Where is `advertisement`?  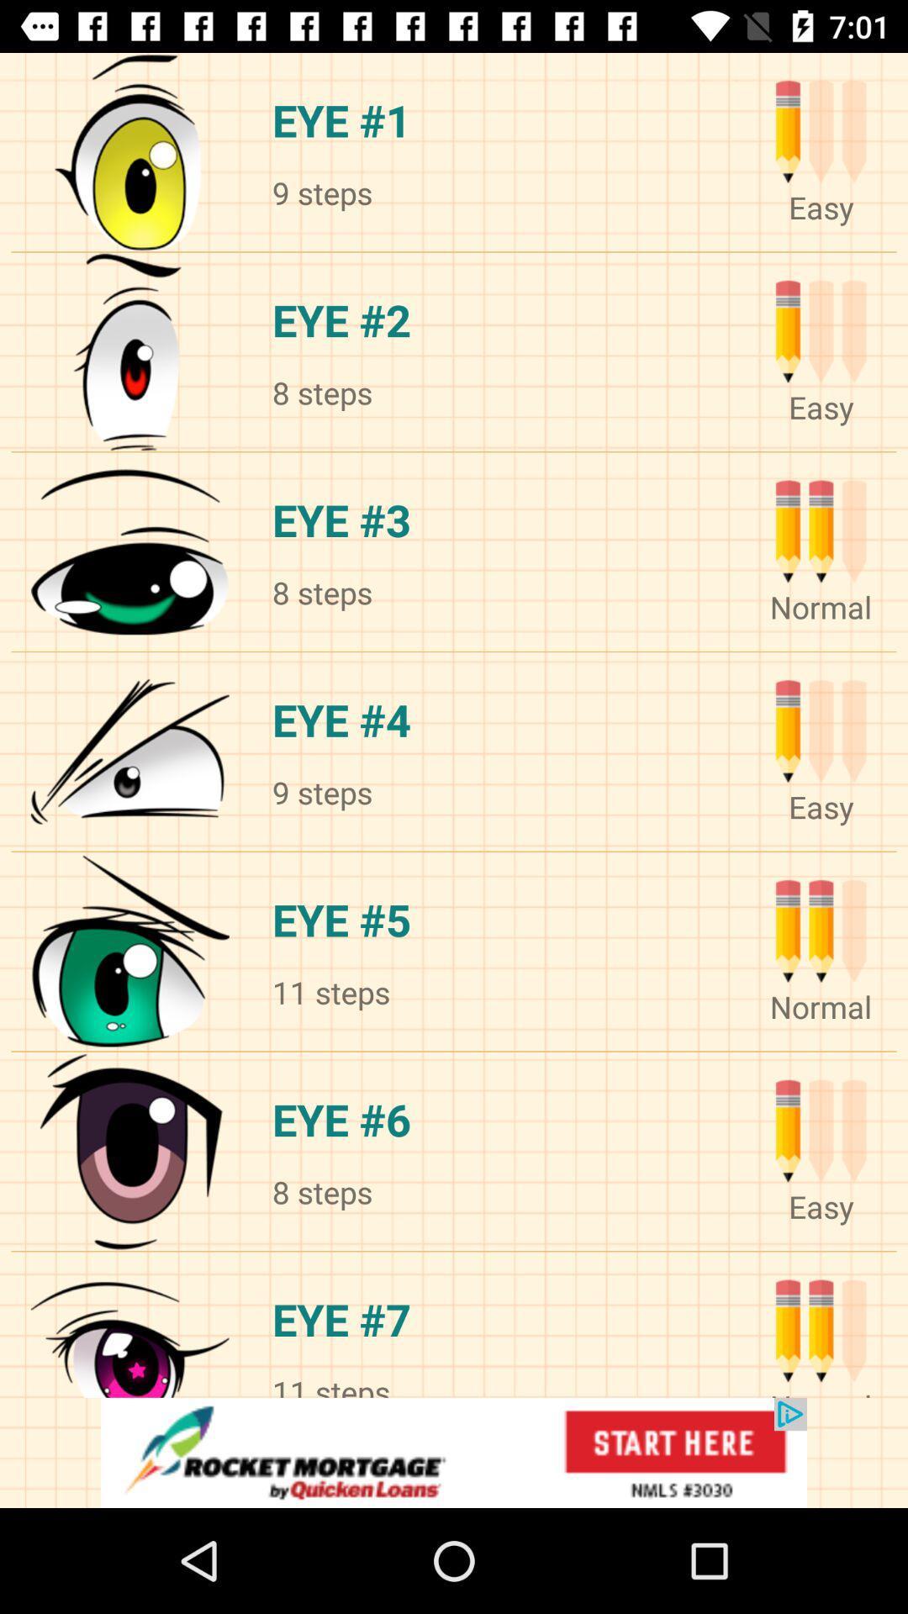
advertisement is located at coordinates (454, 1452).